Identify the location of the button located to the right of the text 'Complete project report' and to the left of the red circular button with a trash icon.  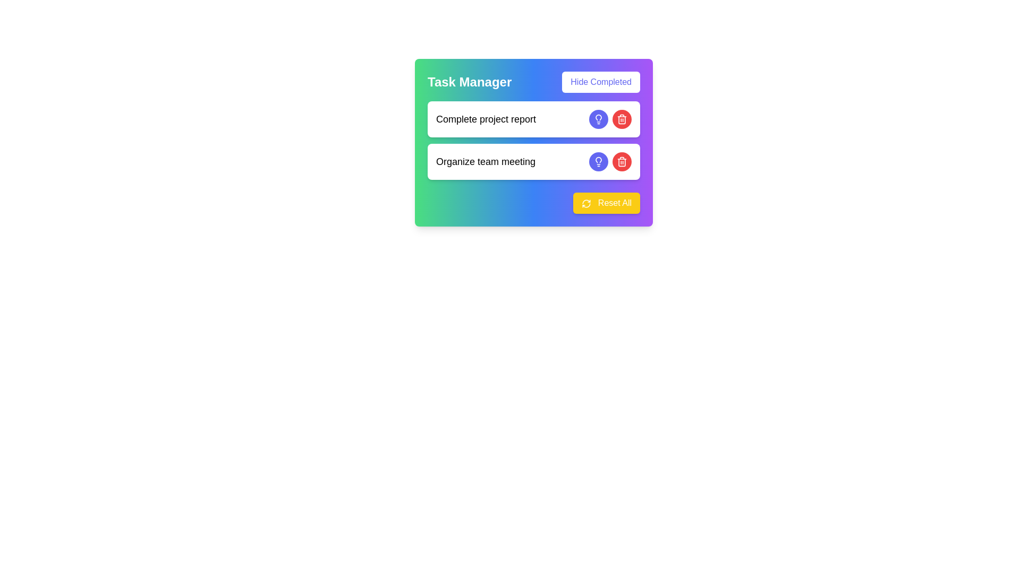
(599, 119).